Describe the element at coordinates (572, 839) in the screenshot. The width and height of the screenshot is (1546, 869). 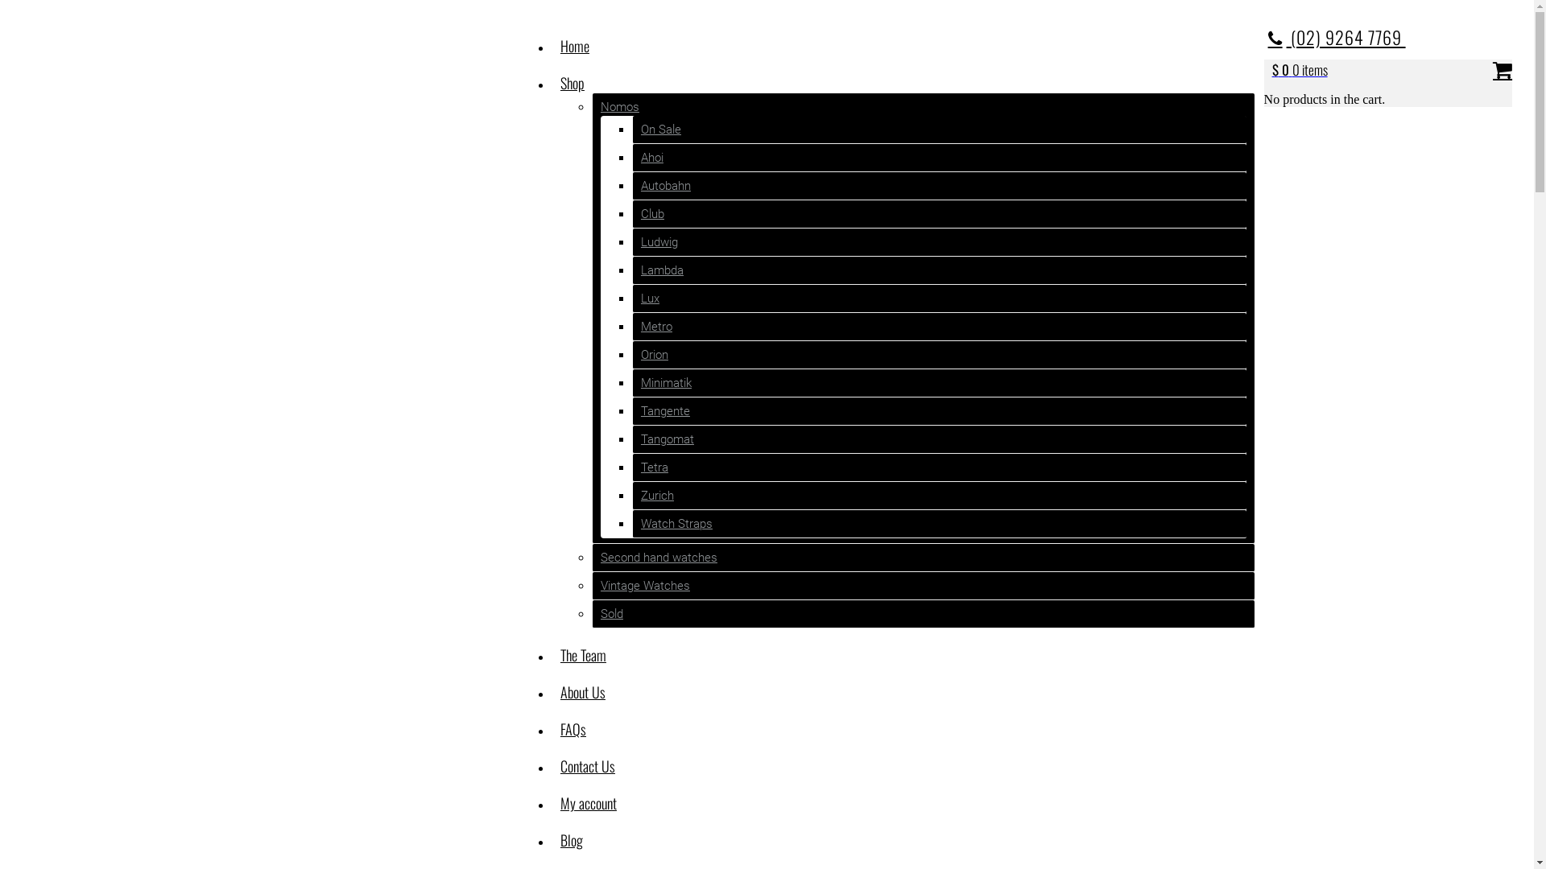
I see `'Blog'` at that location.